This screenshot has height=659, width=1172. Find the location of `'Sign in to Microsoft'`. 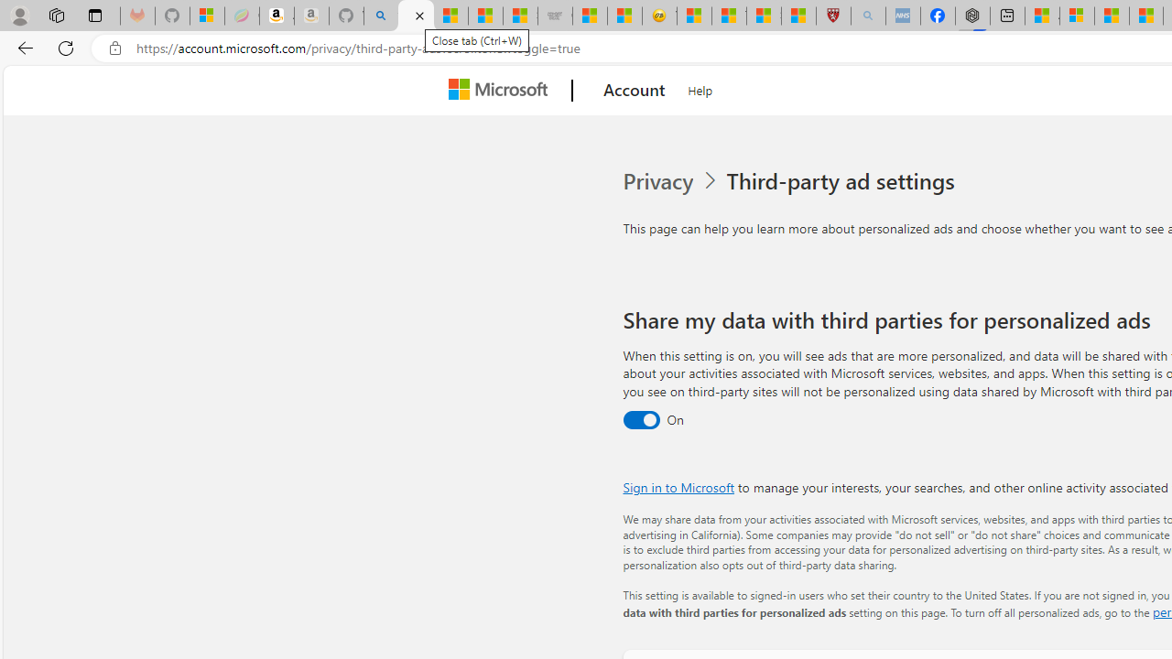

'Sign in to Microsoft' is located at coordinates (678, 486).